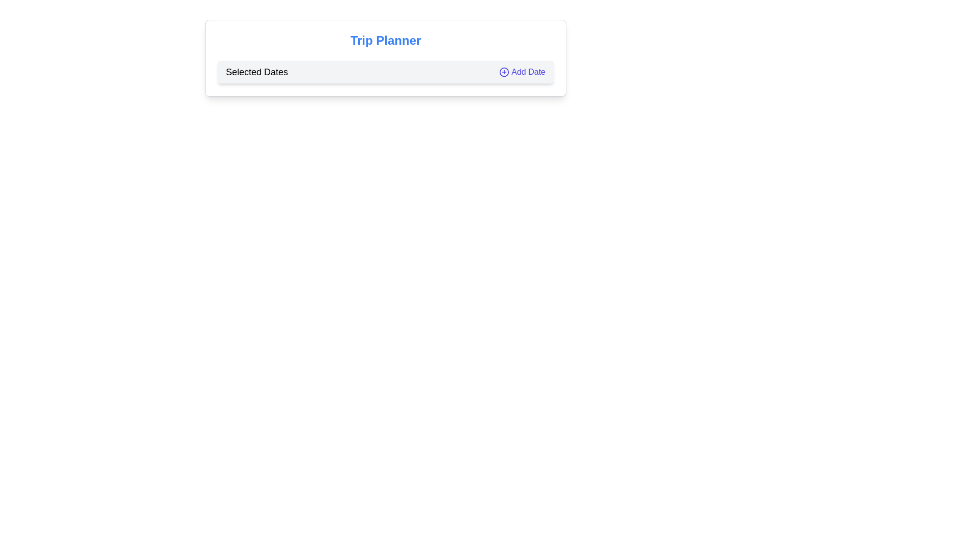  What do you see at coordinates (256, 72) in the screenshot?
I see `the static label that provides context for the section where dates are displayed, located at the left edge of the bar before the 'Add Date' button` at bounding box center [256, 72].